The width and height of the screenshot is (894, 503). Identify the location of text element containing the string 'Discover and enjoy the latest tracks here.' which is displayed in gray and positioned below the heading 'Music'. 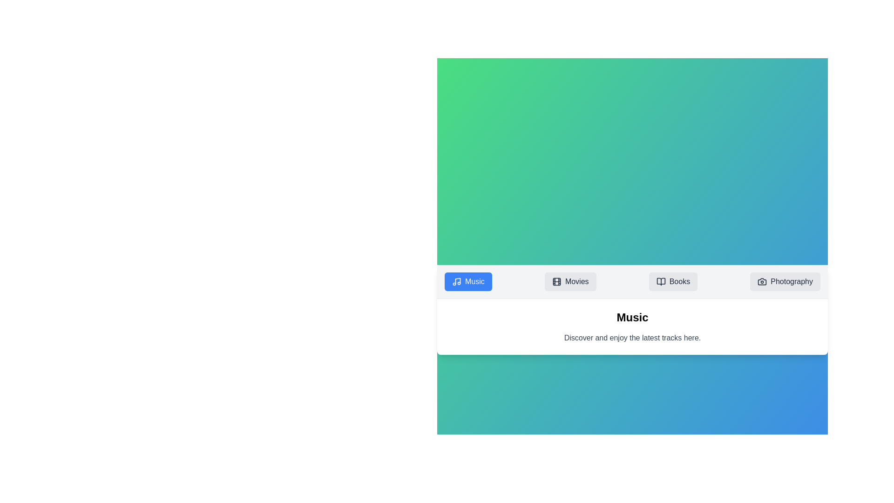
(632, 338).